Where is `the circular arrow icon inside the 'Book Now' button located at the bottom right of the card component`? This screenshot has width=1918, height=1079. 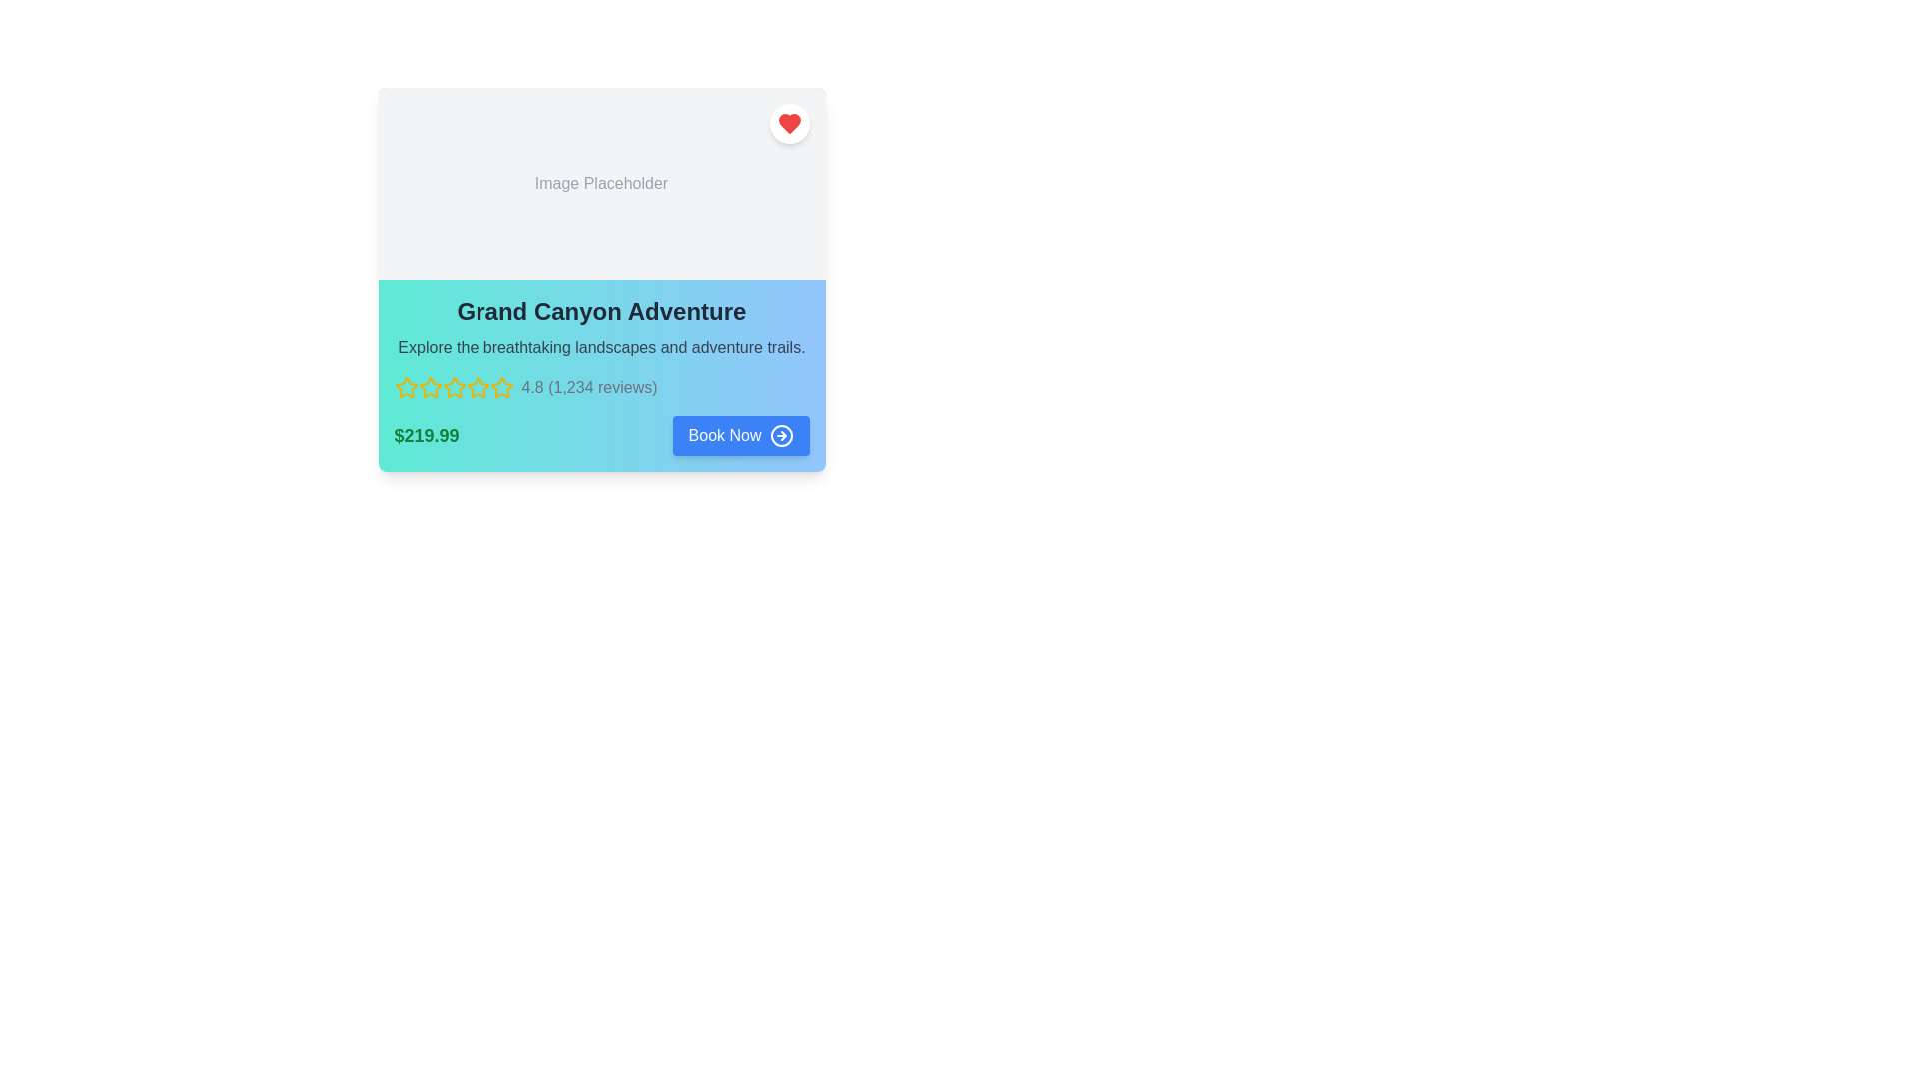 the circular arrow icon inside the 'Book Now' button located at the bottom right of the card component is located at coordinates (780, 434).